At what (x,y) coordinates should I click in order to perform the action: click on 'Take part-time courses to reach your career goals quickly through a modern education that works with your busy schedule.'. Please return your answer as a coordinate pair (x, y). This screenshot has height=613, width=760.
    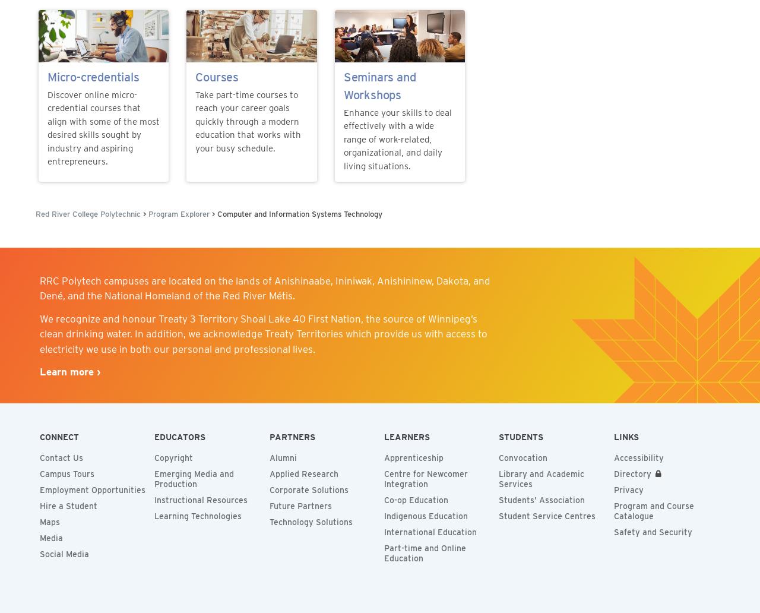
    Looking at the image, I should click on (248, 121).